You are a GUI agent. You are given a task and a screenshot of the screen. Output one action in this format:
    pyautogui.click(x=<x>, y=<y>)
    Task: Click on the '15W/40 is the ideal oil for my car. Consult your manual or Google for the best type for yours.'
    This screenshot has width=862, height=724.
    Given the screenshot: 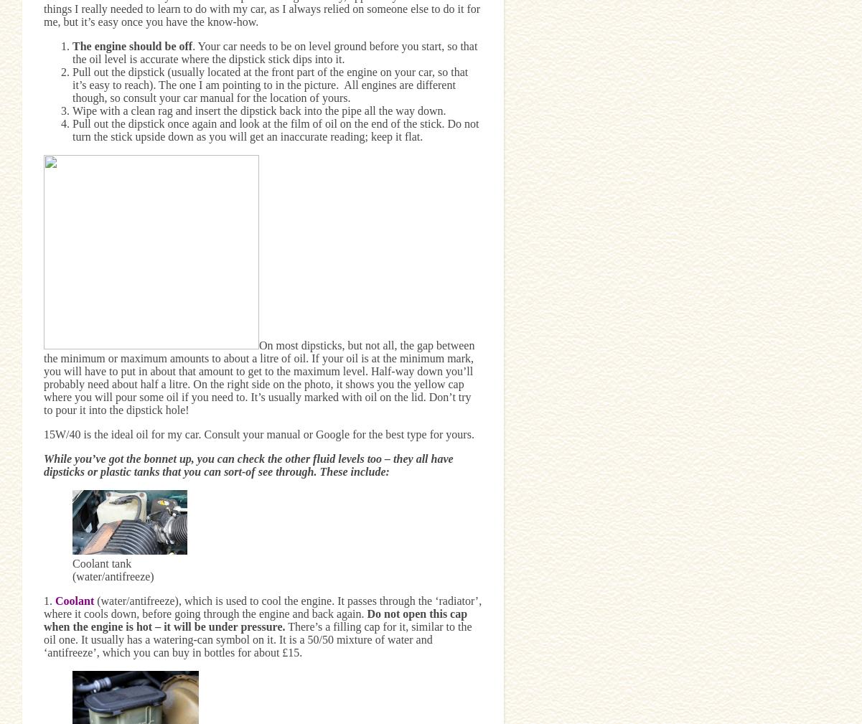 What is the action you would take?
    pyautogui.click(x=44, y=433)
    